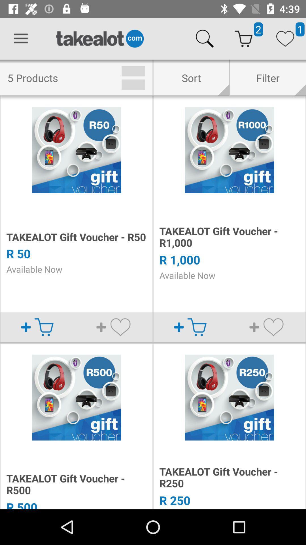 Image resolution: width=306 pixels, height=545 pixels. Describe the element at coordinates (133, 77) in the screenshot. I see `the icon to the left of sort` at that location.